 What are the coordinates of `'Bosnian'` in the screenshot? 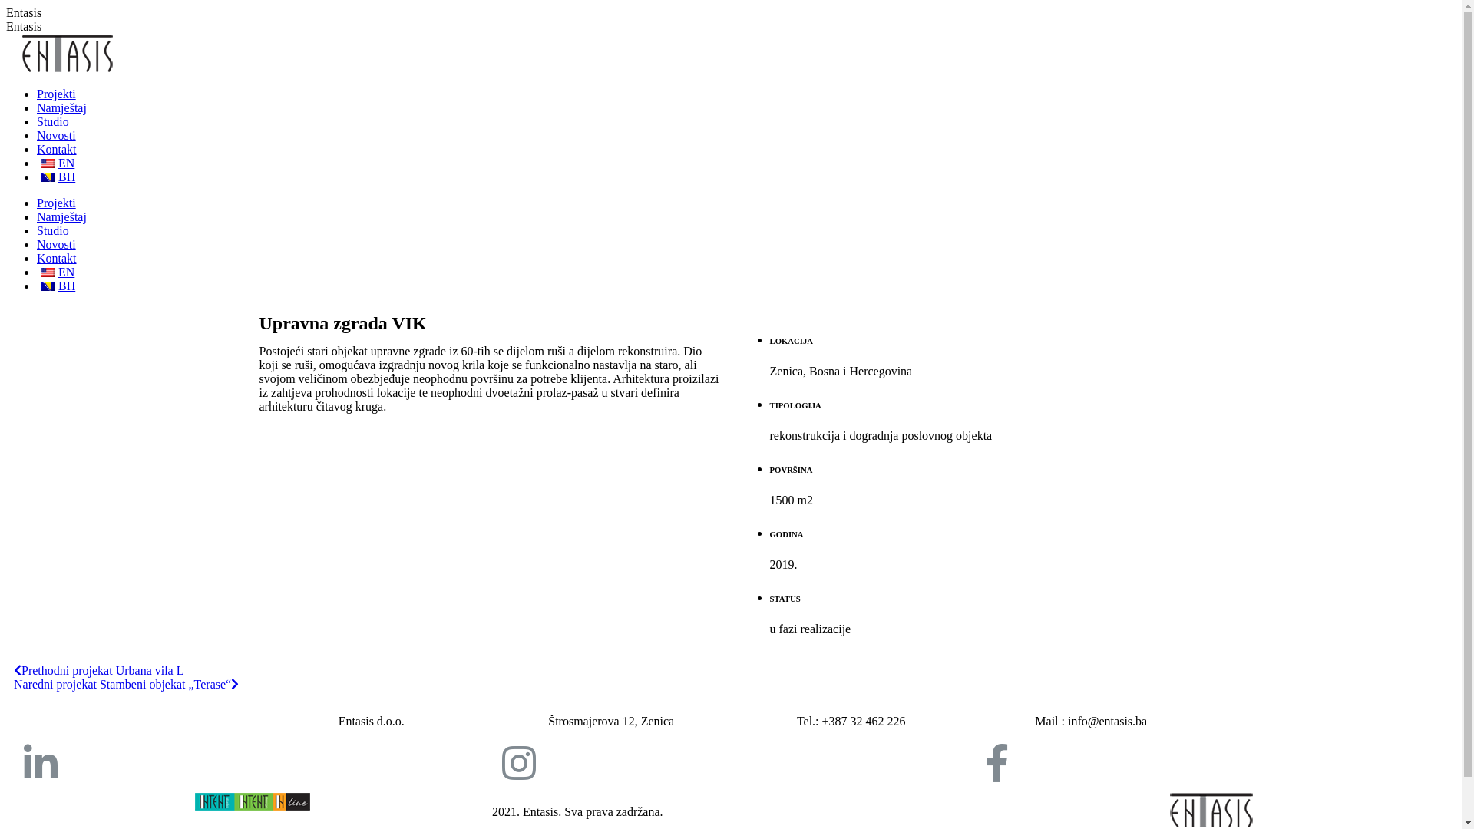 It's located at (48, 286).